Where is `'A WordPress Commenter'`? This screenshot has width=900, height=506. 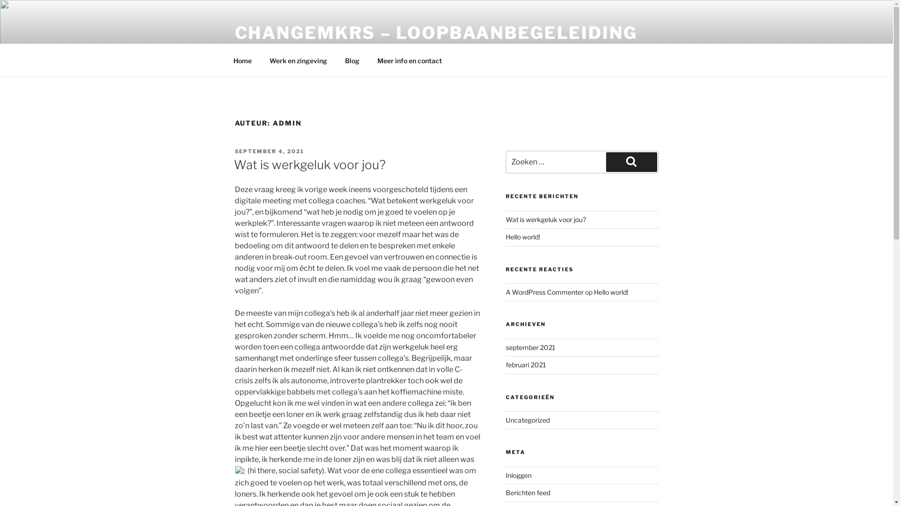 'A WordPress Commenter' is located at coordinates (544, 291).